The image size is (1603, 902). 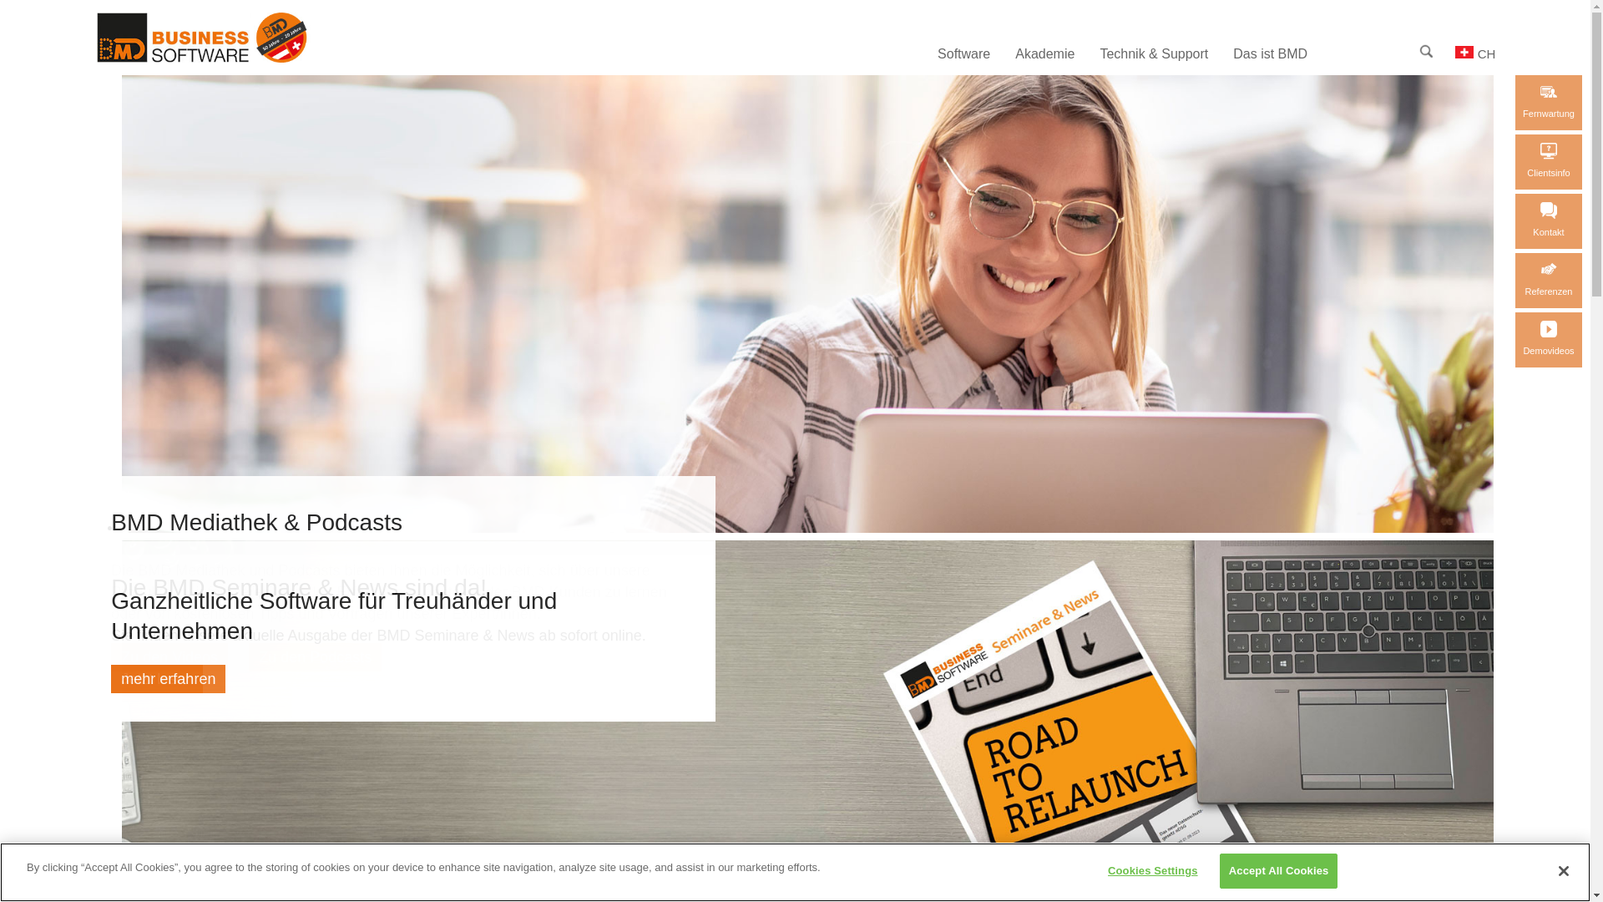 What do you see at coordinates (1153, 53) in the screenshot?
I see `'Technik & Support'` at bounding box center [1153, 53].